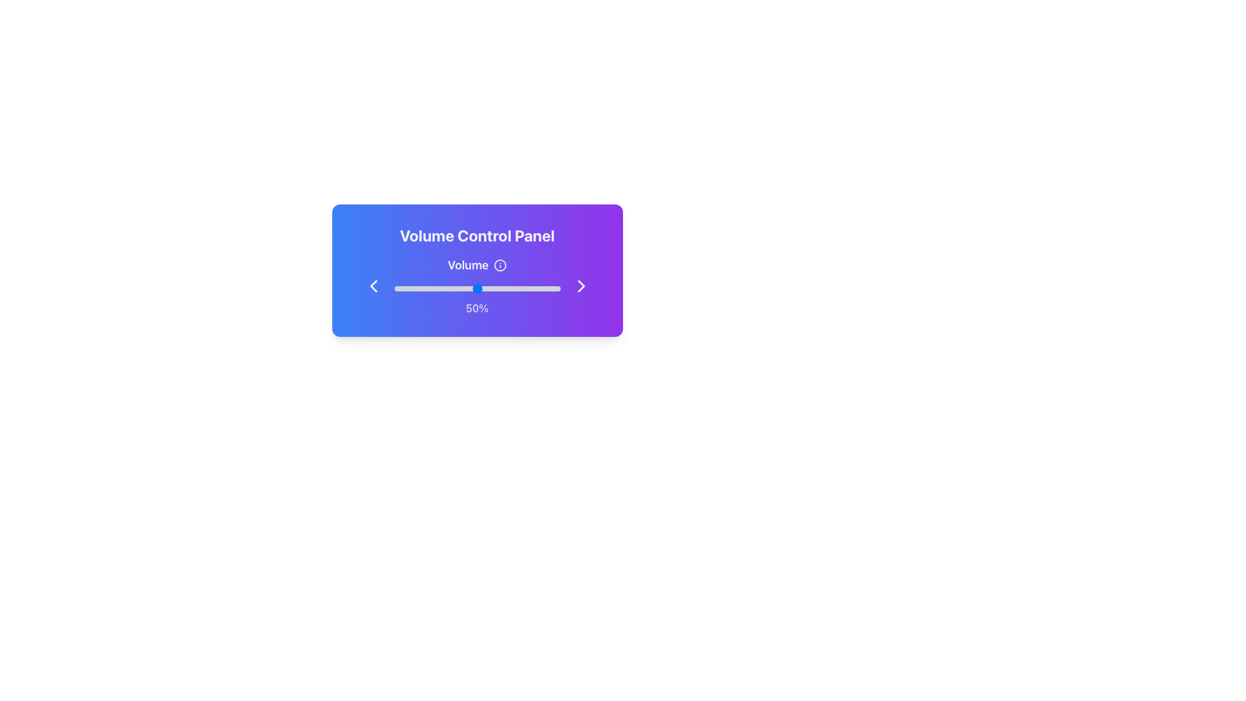  I want to click on the text label displaying '50%' located beneath the horizontal slider in the Volume Control Panel, so click(476, 308).